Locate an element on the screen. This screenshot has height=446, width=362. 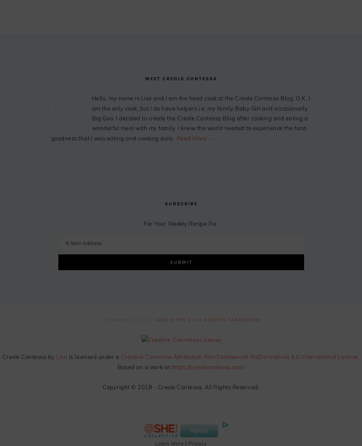
'Based on a work at' is located at coordinates (144, 366).